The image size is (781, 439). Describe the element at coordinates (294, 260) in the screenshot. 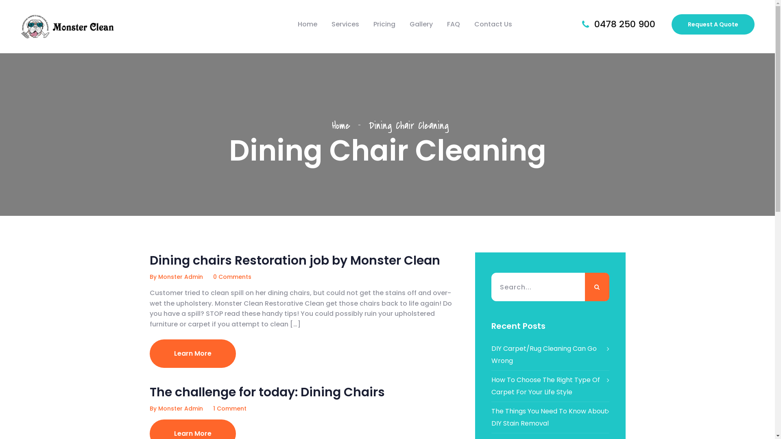

I see `'Dining chairs Restoration job by Monster Clean'` at that location.